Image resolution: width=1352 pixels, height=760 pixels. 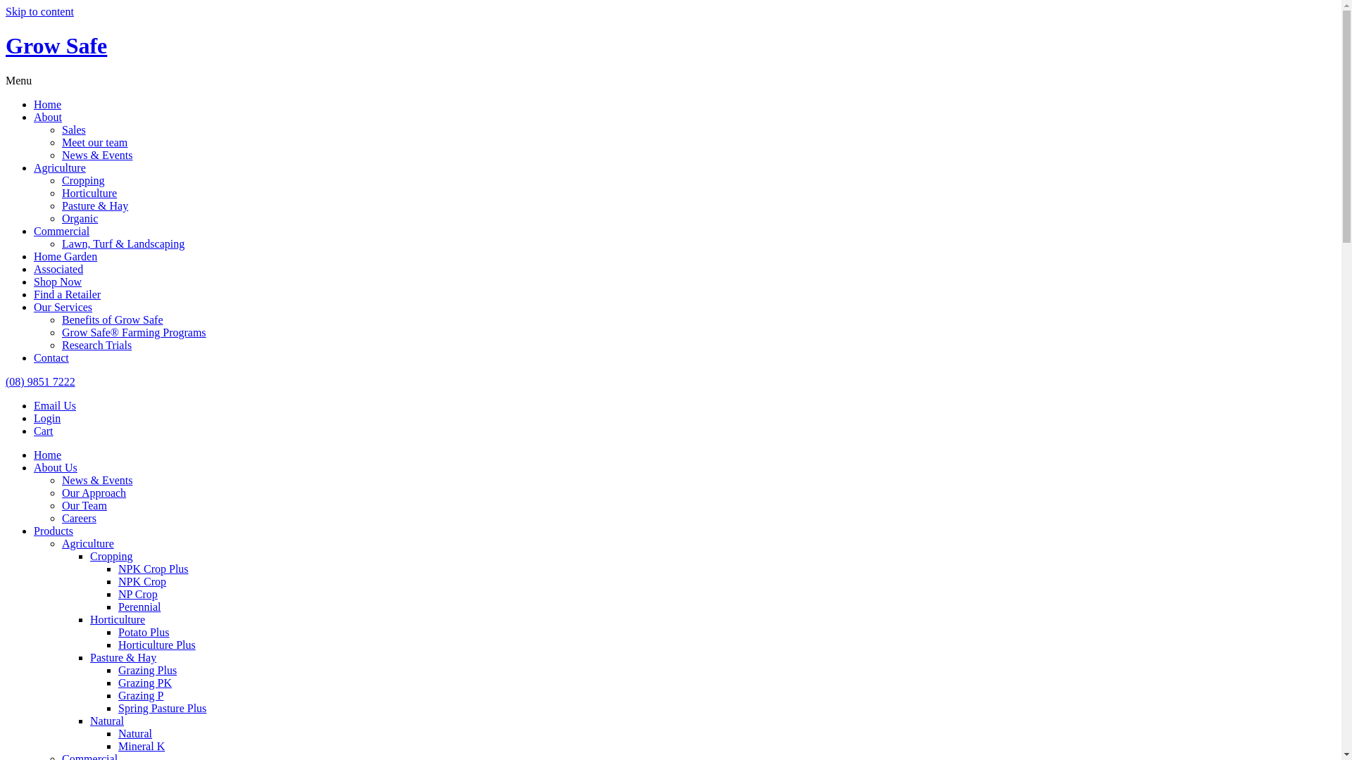 I want to click on 'Mineral K', so click(x=142, y=745).